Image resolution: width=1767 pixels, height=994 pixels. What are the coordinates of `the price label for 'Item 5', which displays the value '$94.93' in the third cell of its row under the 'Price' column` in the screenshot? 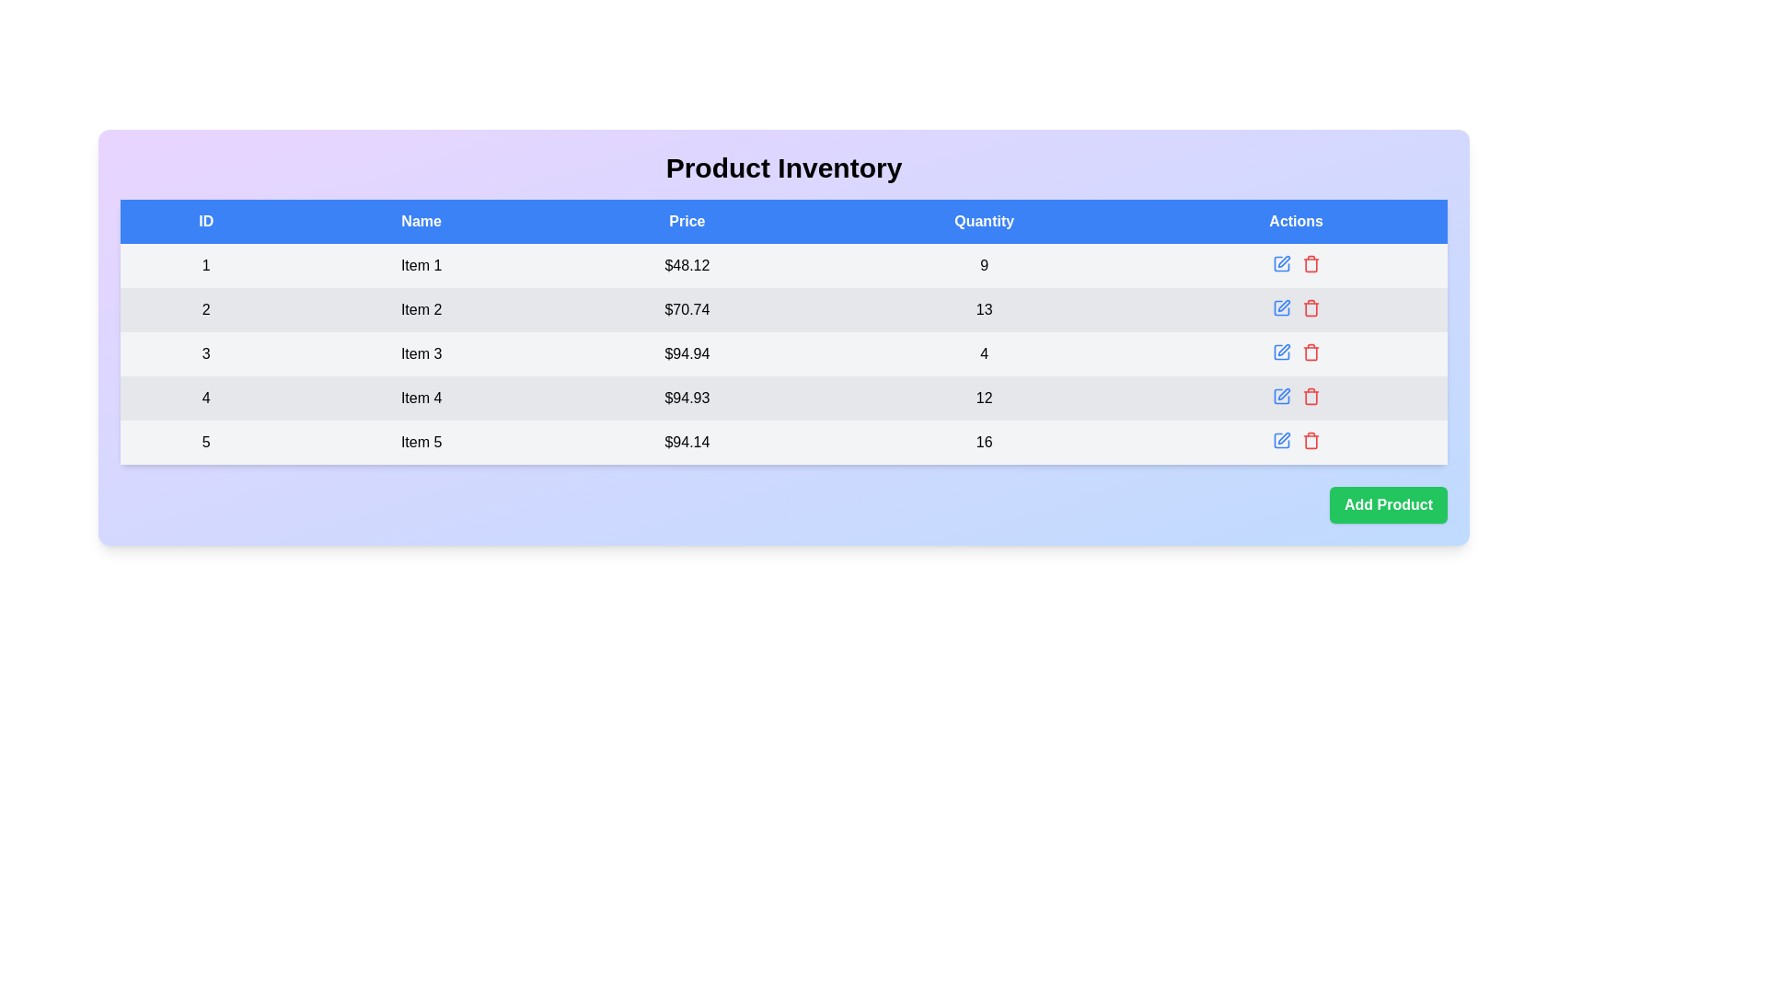 It's located at (686, 443).